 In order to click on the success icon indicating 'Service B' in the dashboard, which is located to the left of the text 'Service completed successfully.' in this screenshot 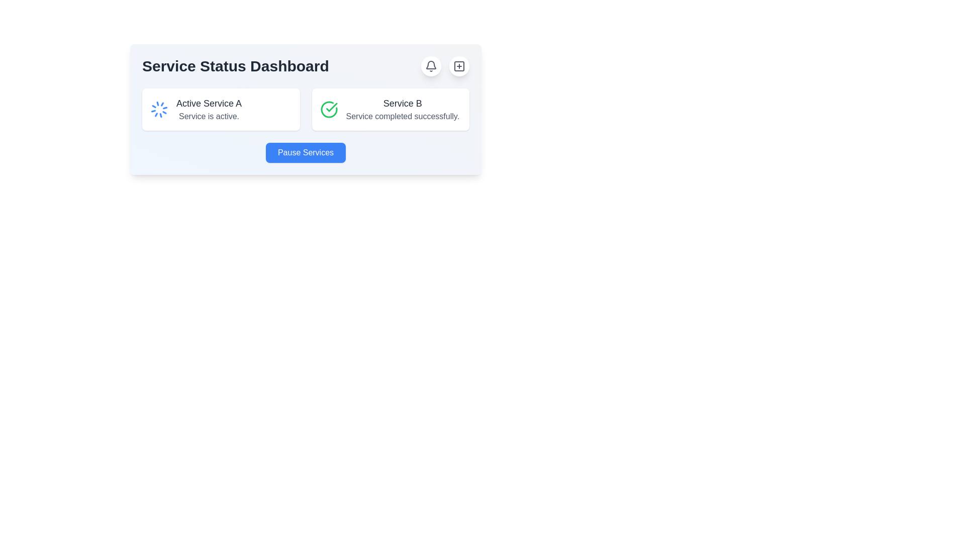, I will do `click(329, 110)`.